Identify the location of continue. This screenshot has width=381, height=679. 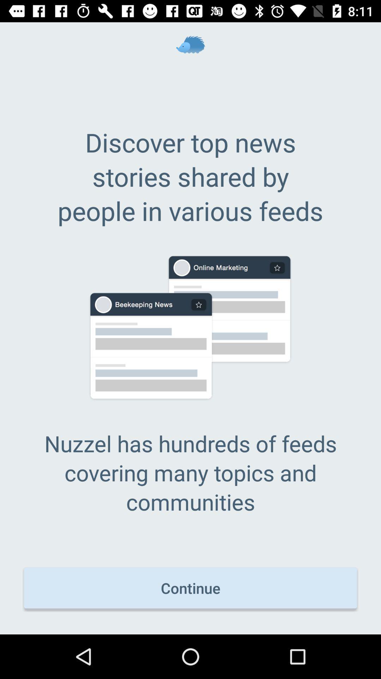
(190, 588).